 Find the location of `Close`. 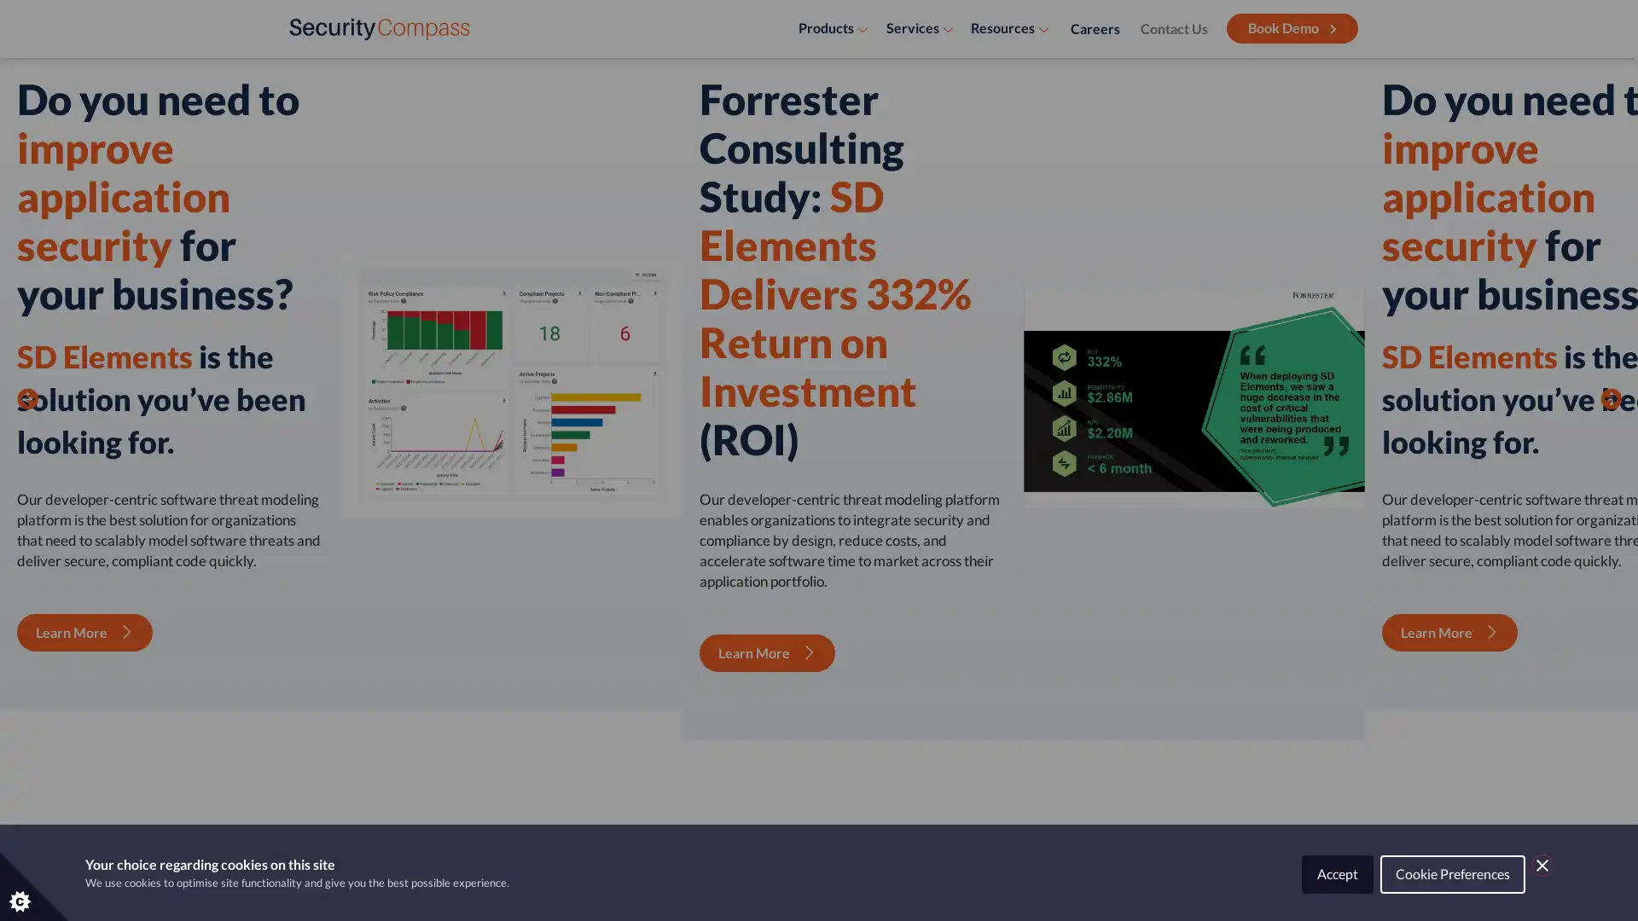

Close is located at coordinates (1542, 865).